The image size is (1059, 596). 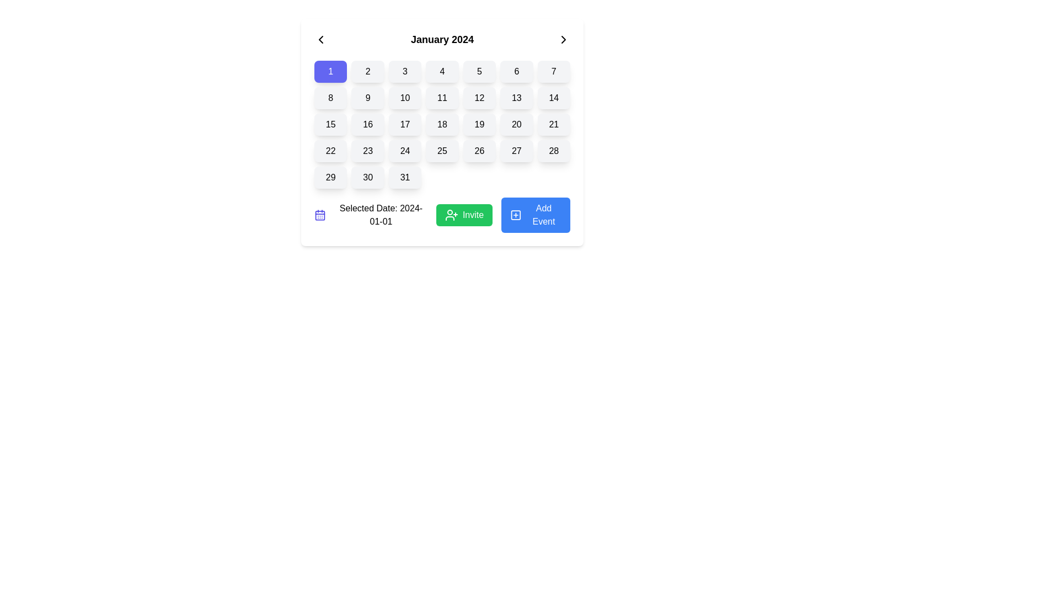 What do you see at coordinates (515, 215) in the screenshot?
I see `the decorative rectangular component with rounded corners located in the lower-right corner of the 'Add Event' button` at bounding box center [515, 215].